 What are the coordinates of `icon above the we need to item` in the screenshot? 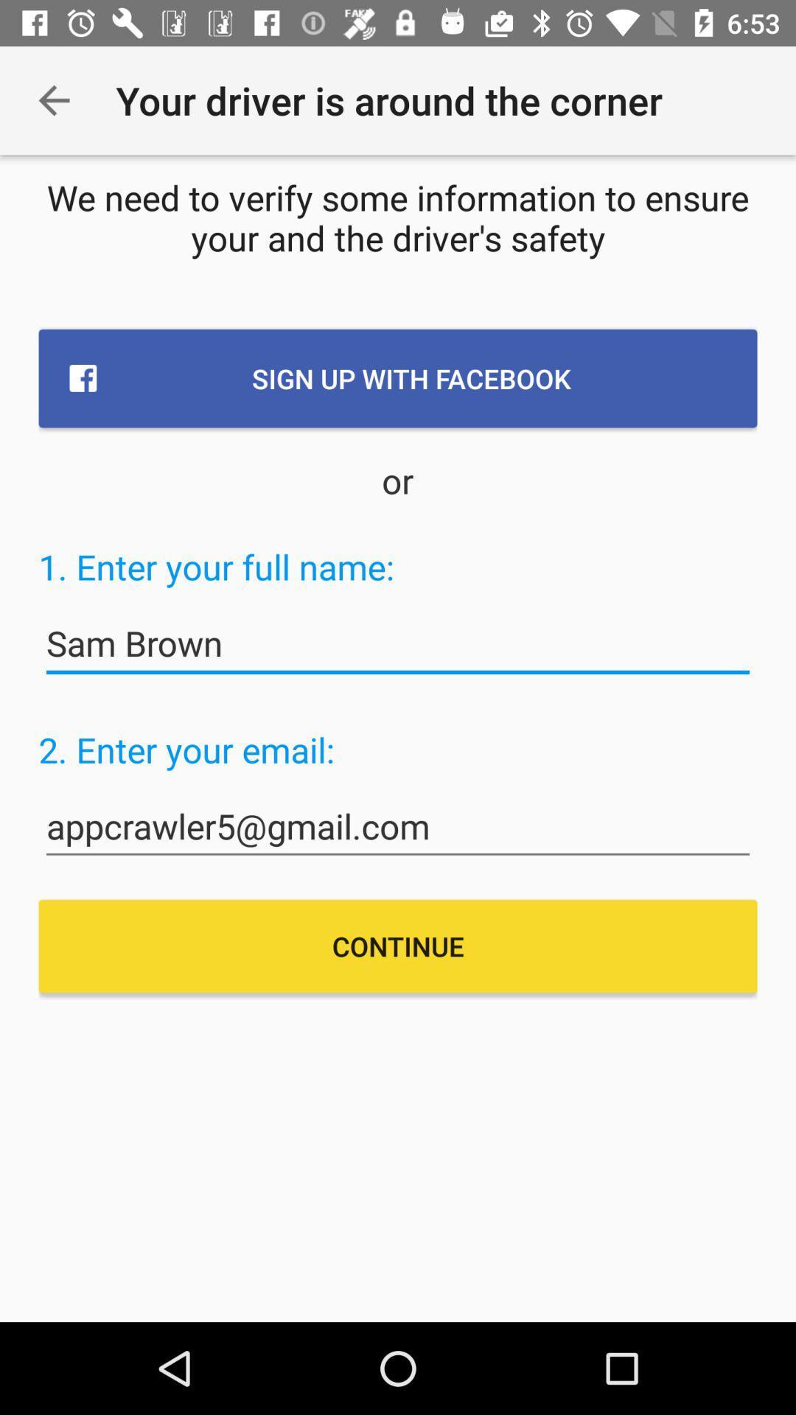 It's located at (53, 99).